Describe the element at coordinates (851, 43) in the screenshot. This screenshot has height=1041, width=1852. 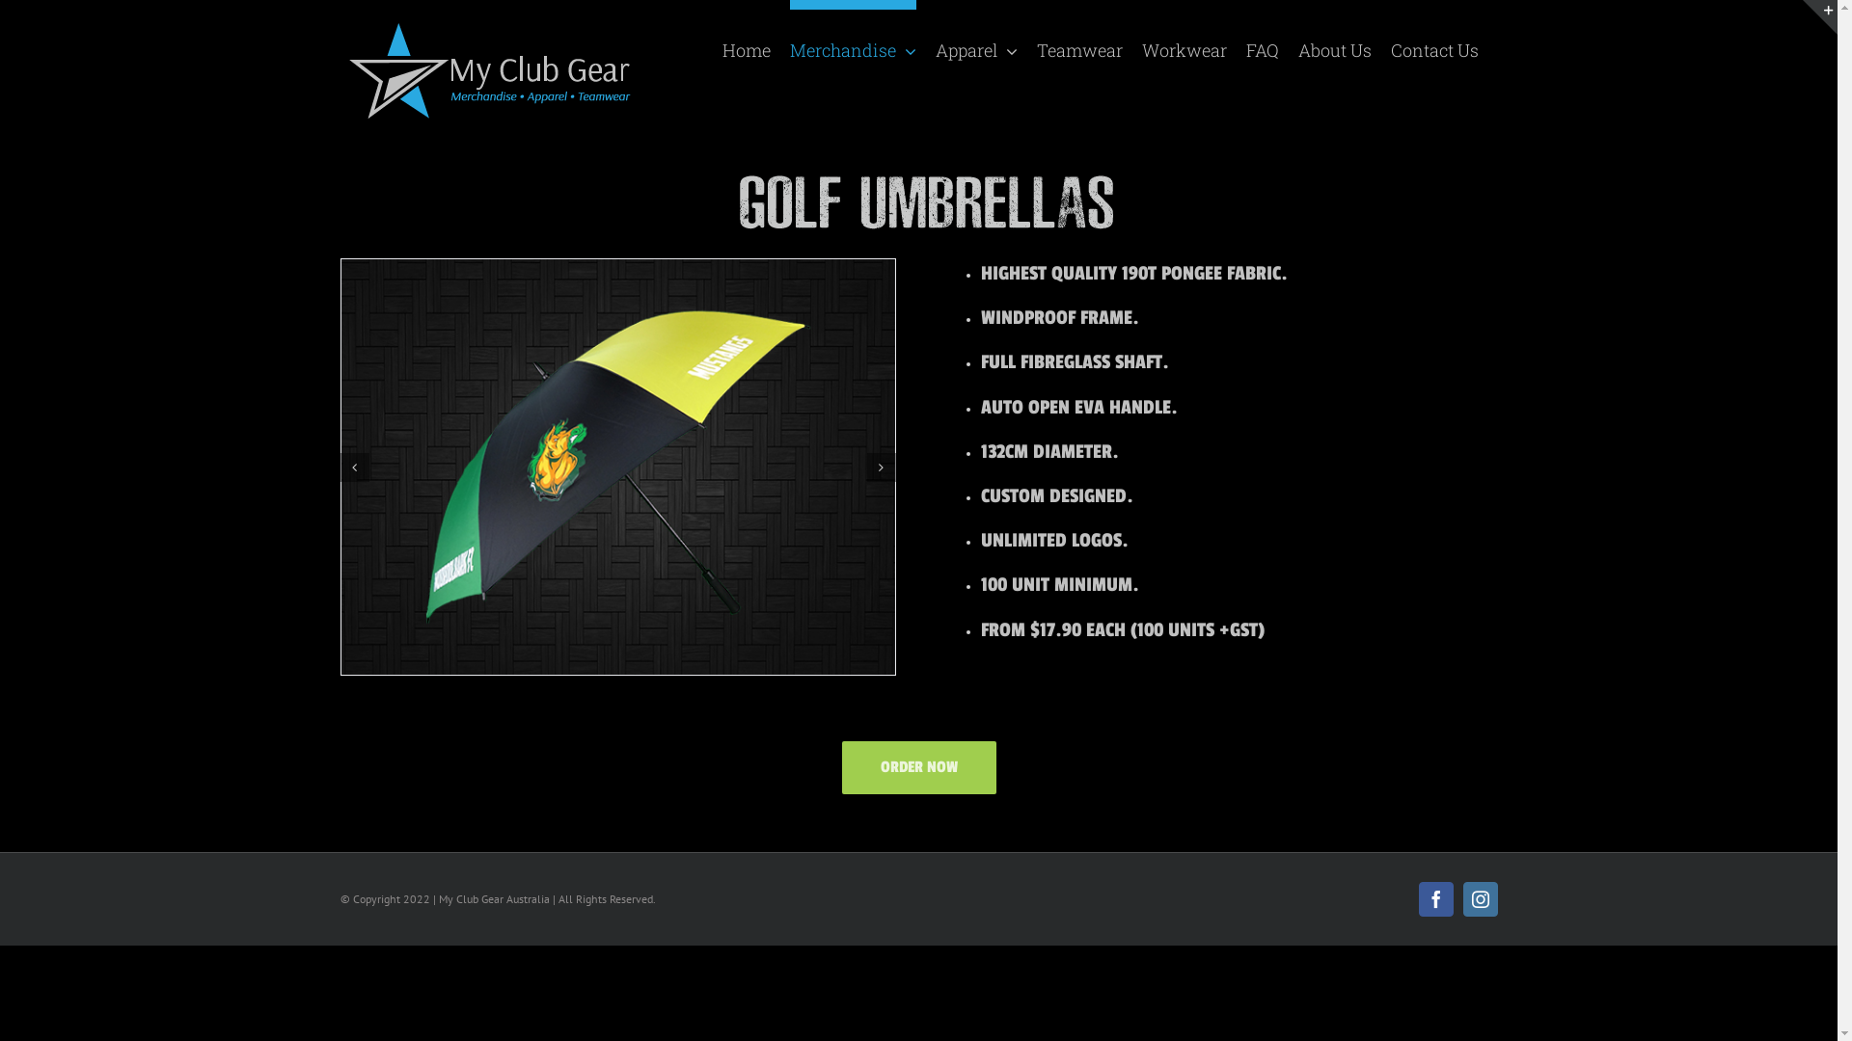
I see `'Merchandise'` at that location.